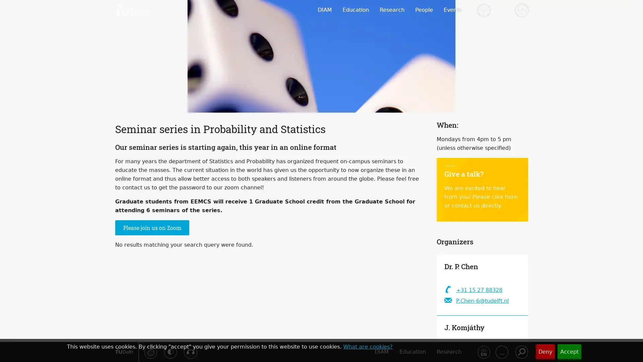 The width and height of the screenshot is (643, 362). Describe the element at coordinates (521, 10) in the screenshot. I see `Search` at that location.